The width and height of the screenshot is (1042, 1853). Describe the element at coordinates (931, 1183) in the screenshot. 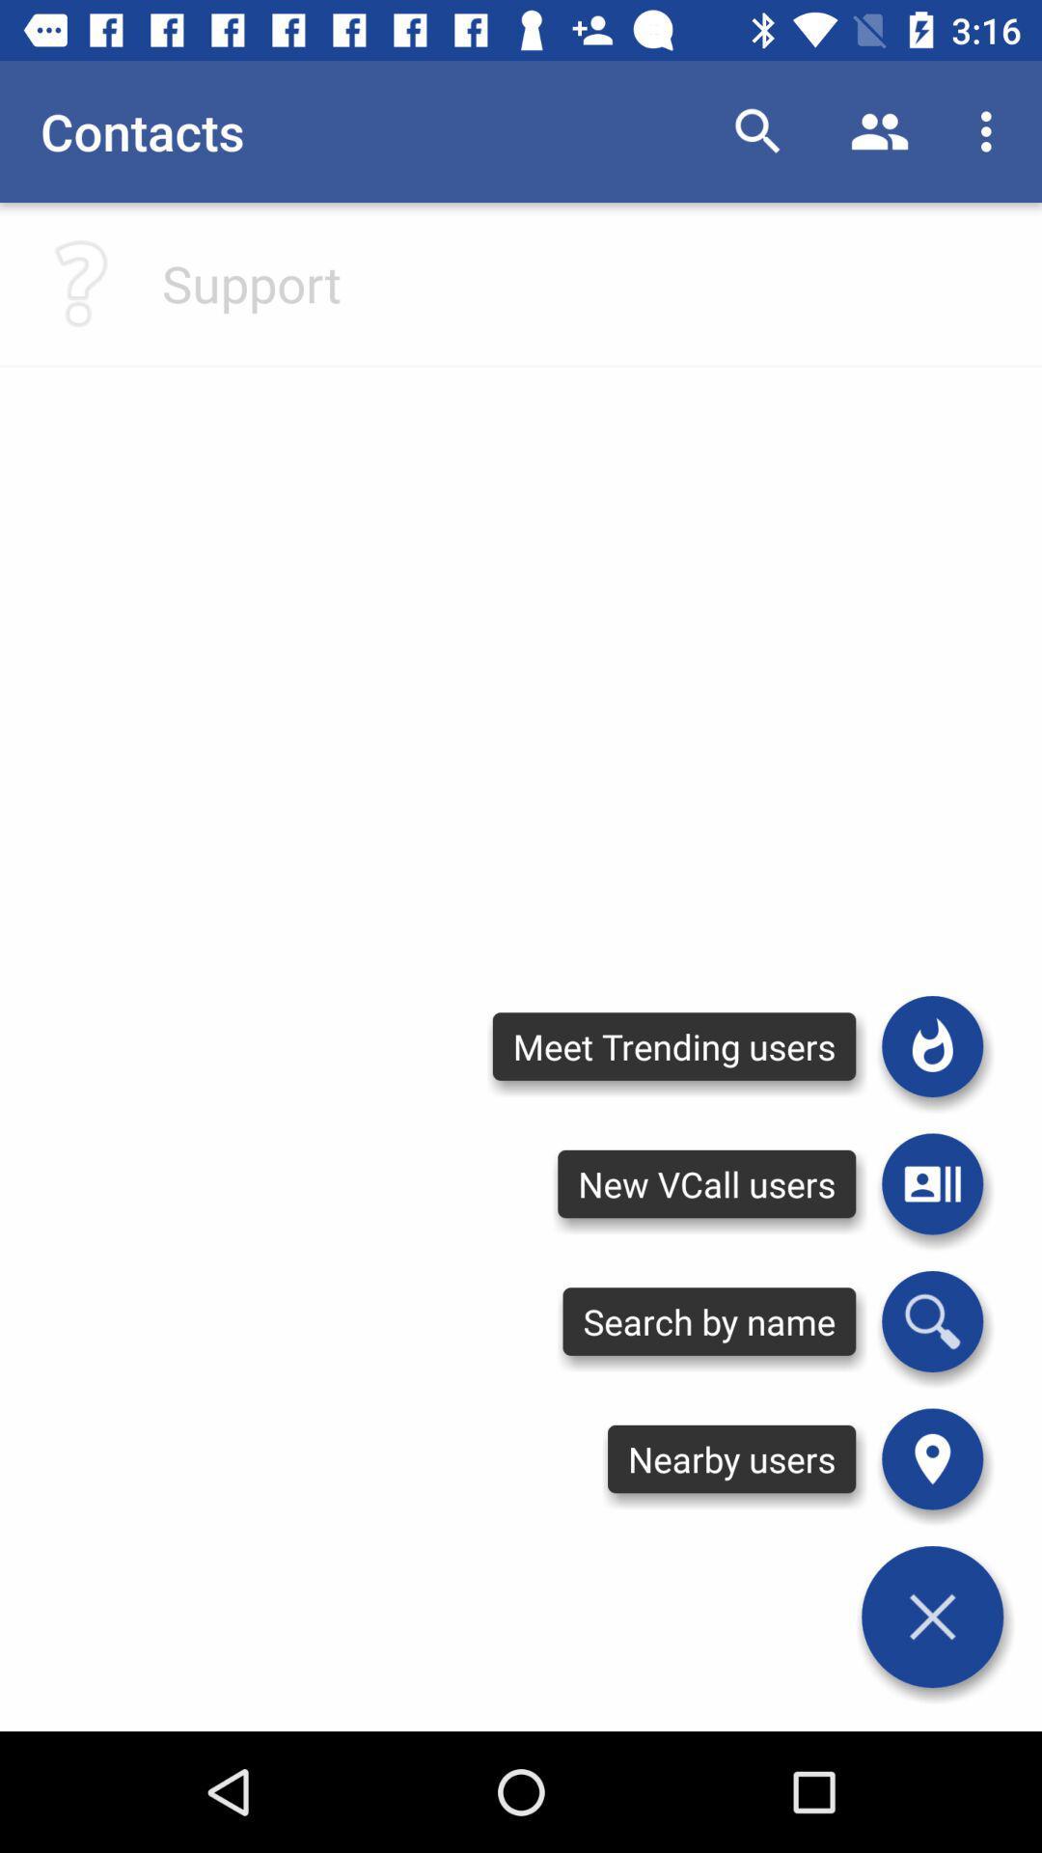

I see `icon to the right of meet trending users icon` at that location.